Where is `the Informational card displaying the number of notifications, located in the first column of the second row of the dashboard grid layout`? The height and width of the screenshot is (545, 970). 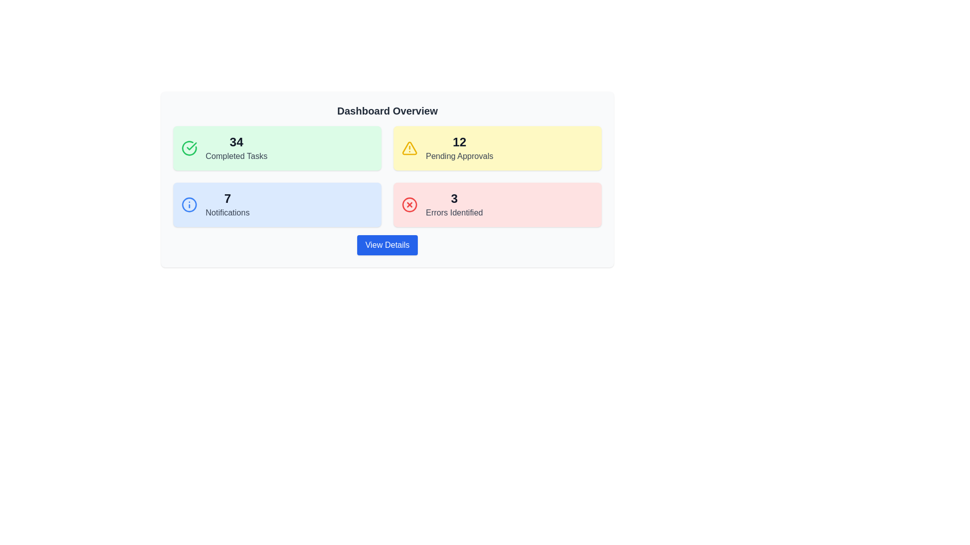 the Informational card displaying the number of notifications, located in the first column of the second row of the dashboard grid layout is located at coordinates (277, 204).